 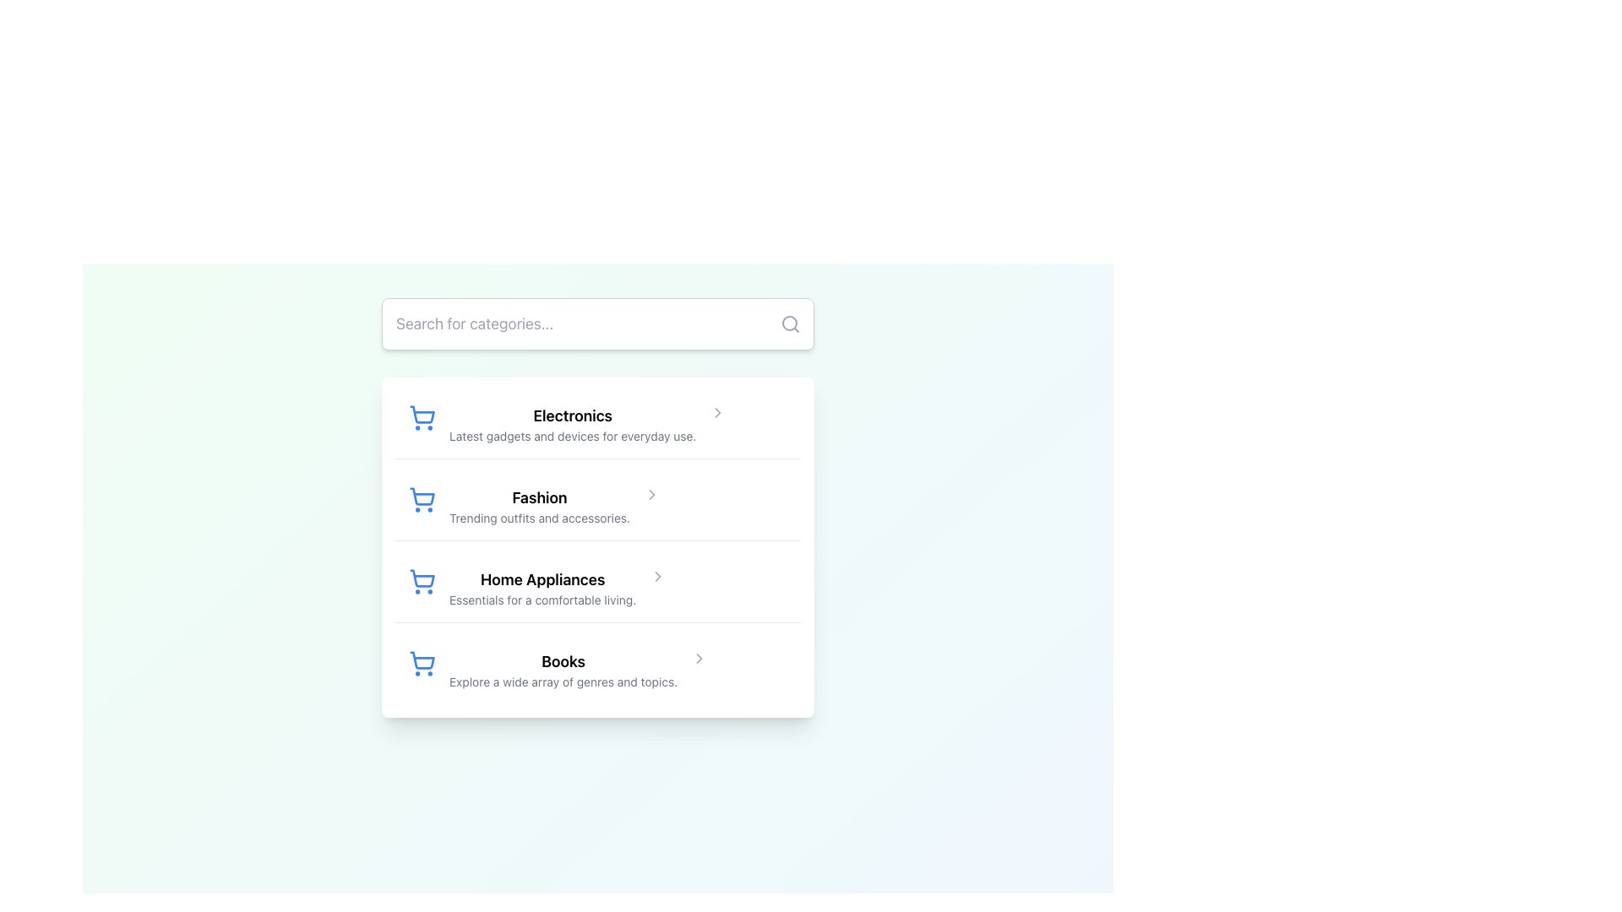 What do you see at coordinates (542, 588) in the screenshot?
I see `the 'Home Appliances' text label, which features a bolded title and a subtitle, located in the vertical list of categories between 'Fashion' and 'Books'` at bounding box center [542, 588].